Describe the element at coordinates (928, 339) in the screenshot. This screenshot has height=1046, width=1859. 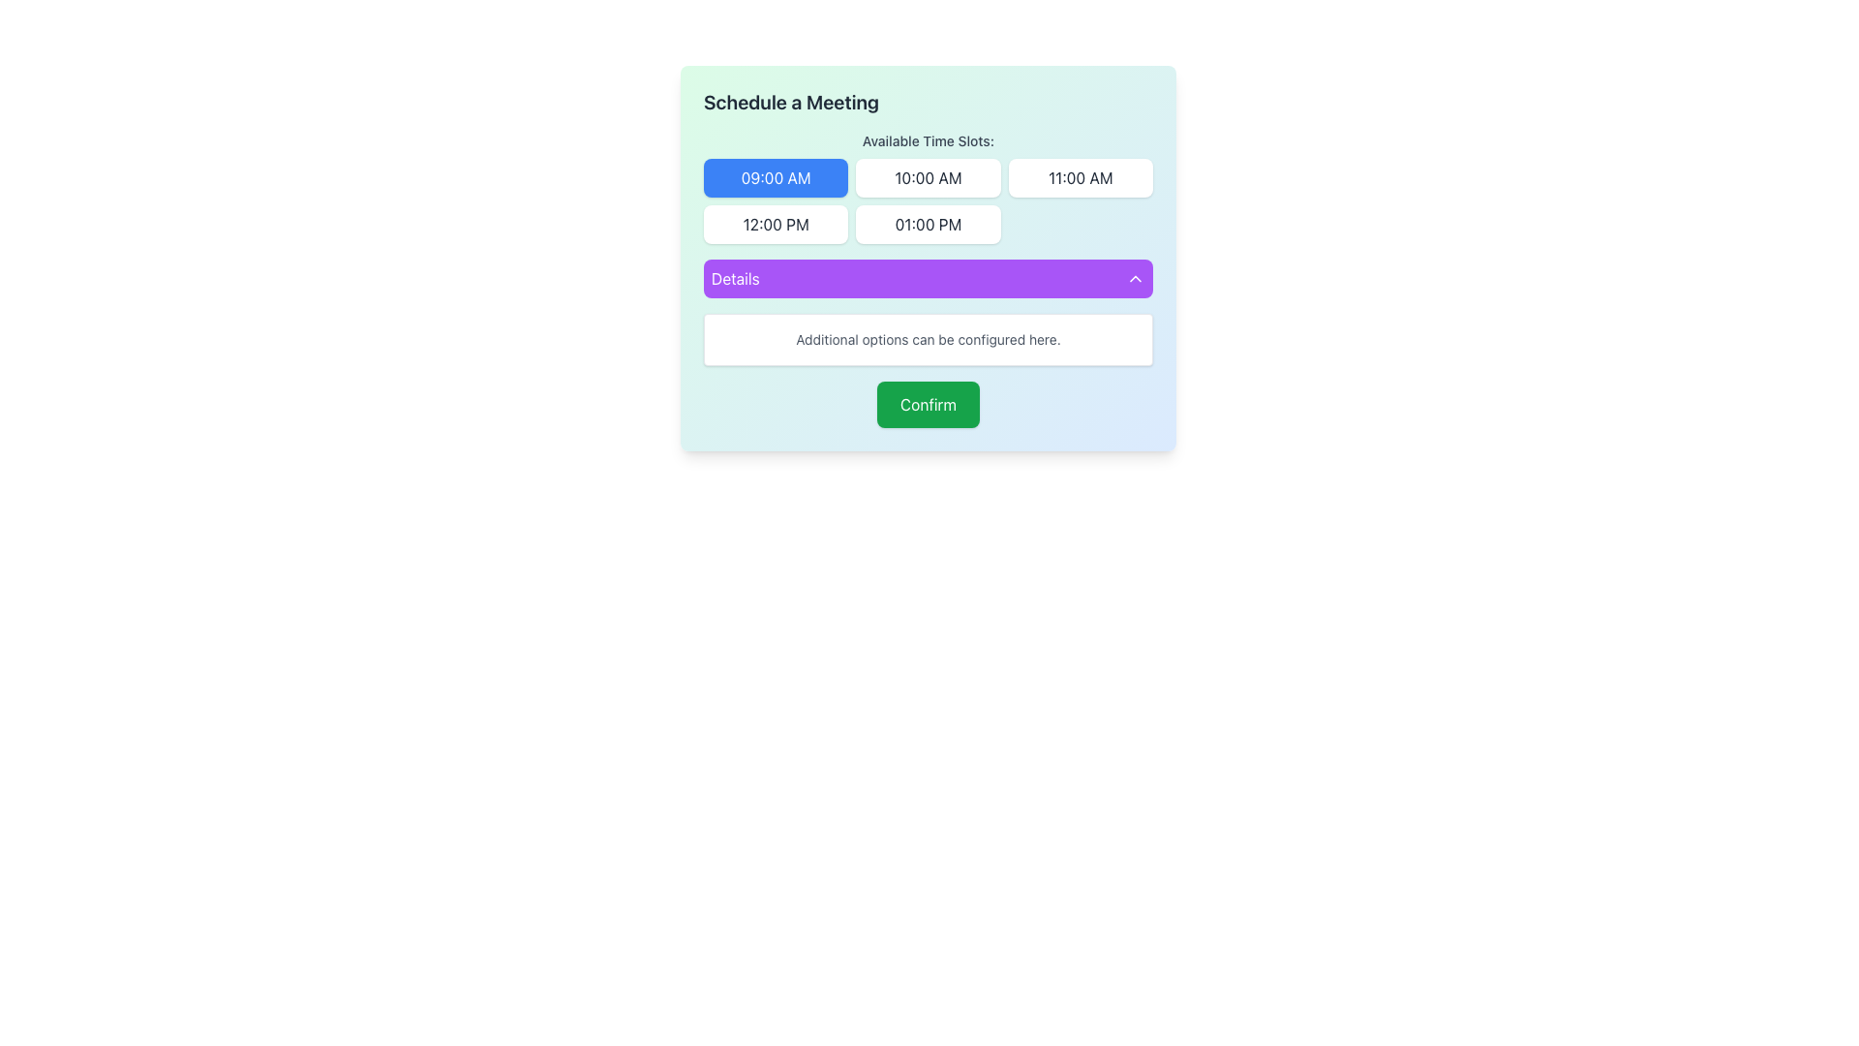
I see `the static text label providing contextual help located within a rounded white box beneath the 'Details' purple bar and above the green 'Confirm' button` at that location.